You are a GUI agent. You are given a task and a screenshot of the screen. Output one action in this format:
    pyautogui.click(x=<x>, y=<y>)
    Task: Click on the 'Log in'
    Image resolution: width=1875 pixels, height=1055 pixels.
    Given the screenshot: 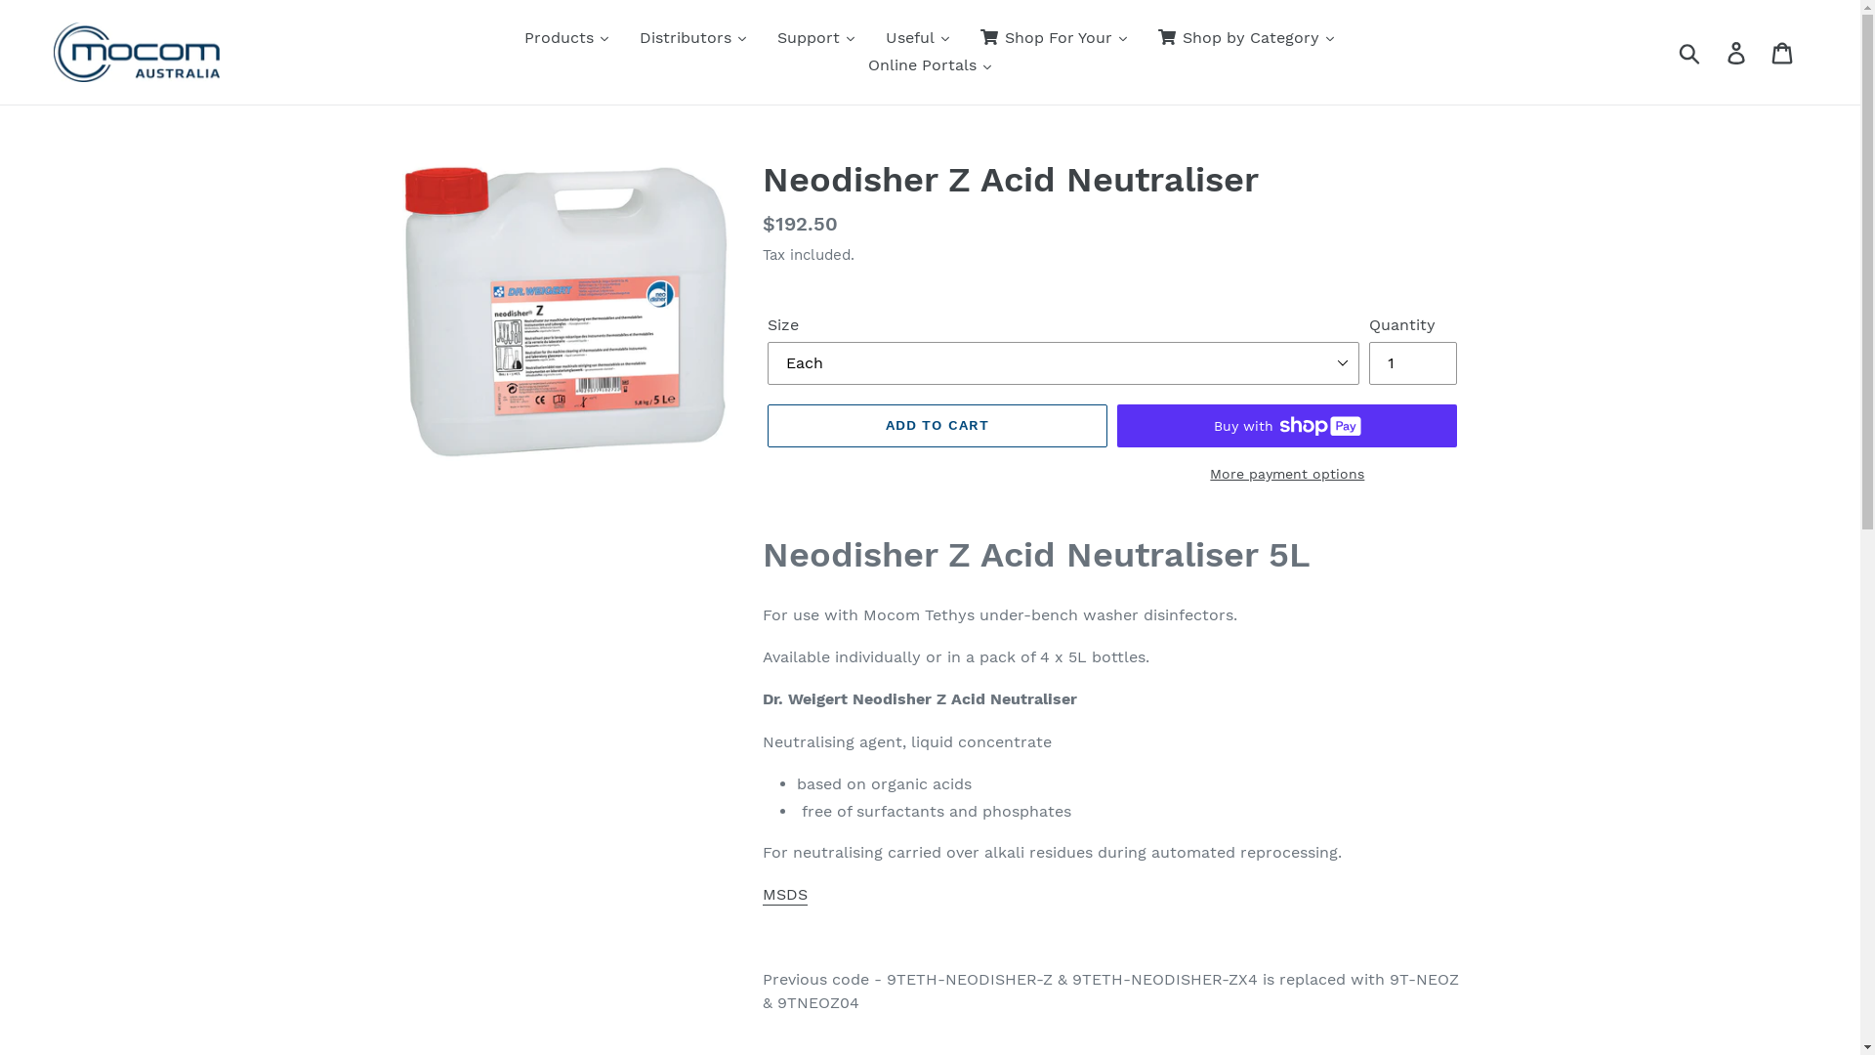 What is the action you would take?
    pyautogui.click(x=1737, y=51)
    